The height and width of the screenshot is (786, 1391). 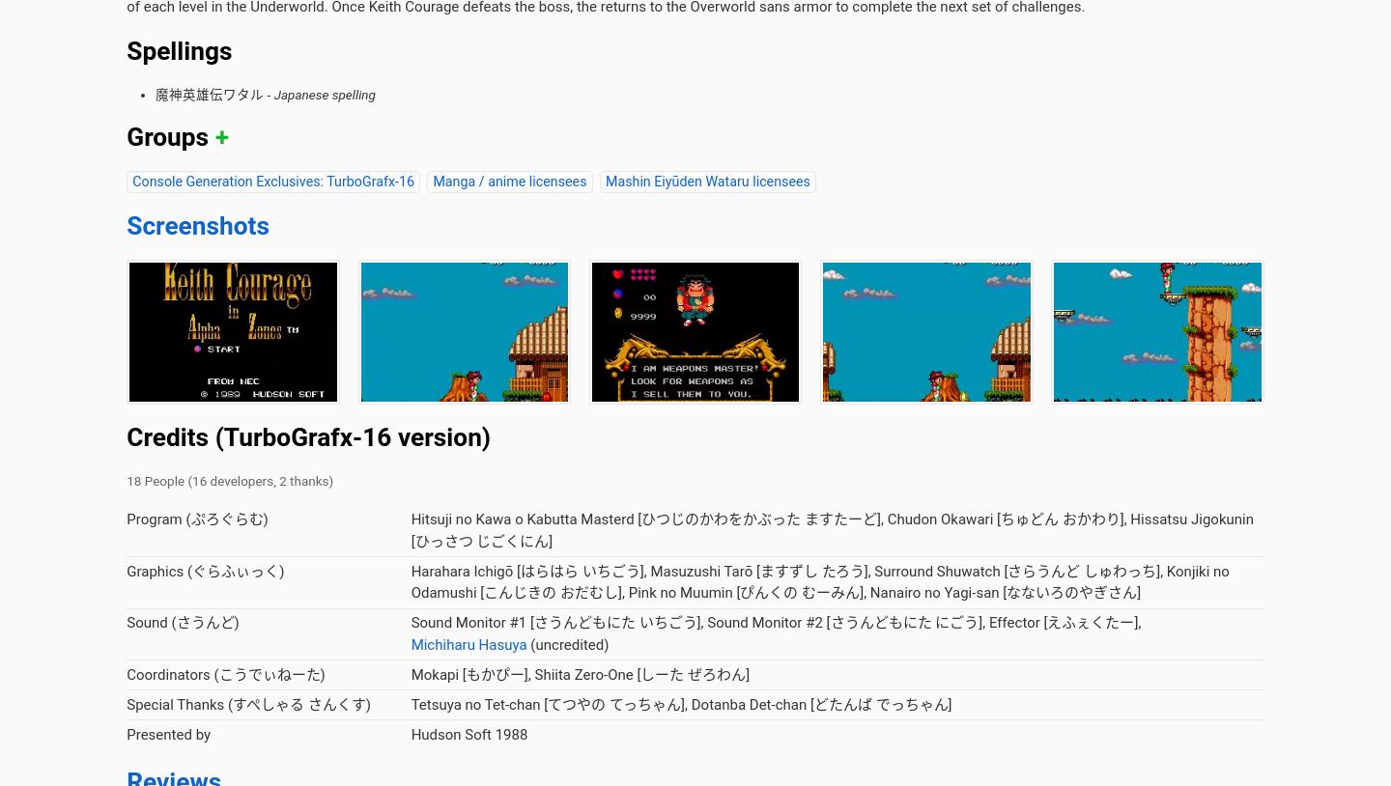 I want to click on 'Alaka', so click(x=482, y=265).